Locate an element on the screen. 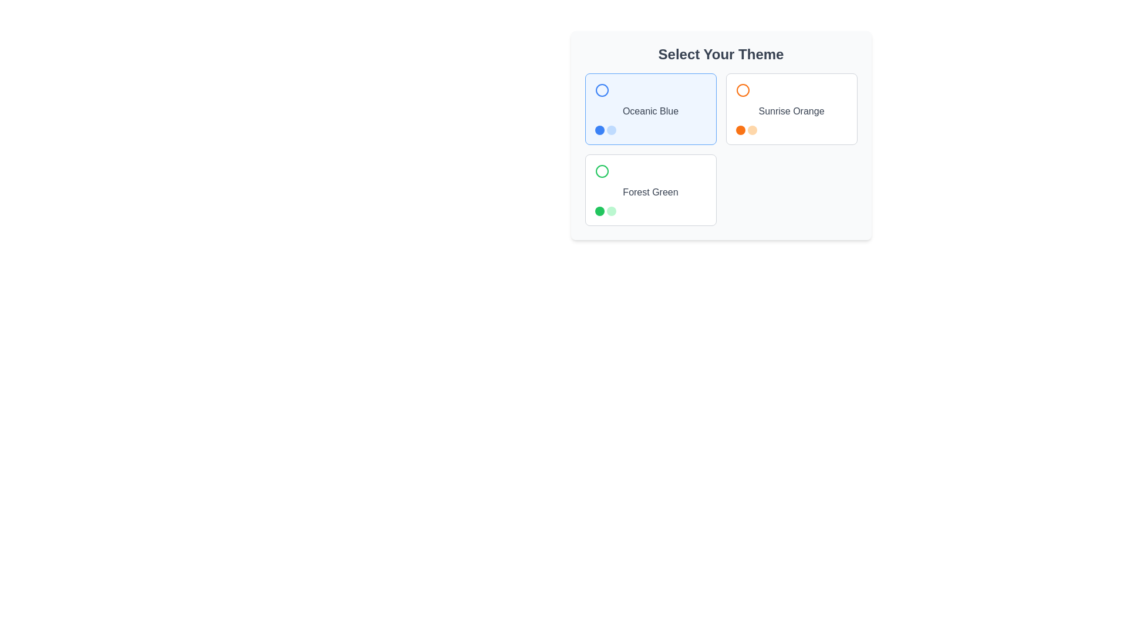 The image size is (1127, 634). the icon indicating the 'Forest Green' selection card, located at the top-left corner above the text 'Forest Green' is located at coordinates (602, 171).